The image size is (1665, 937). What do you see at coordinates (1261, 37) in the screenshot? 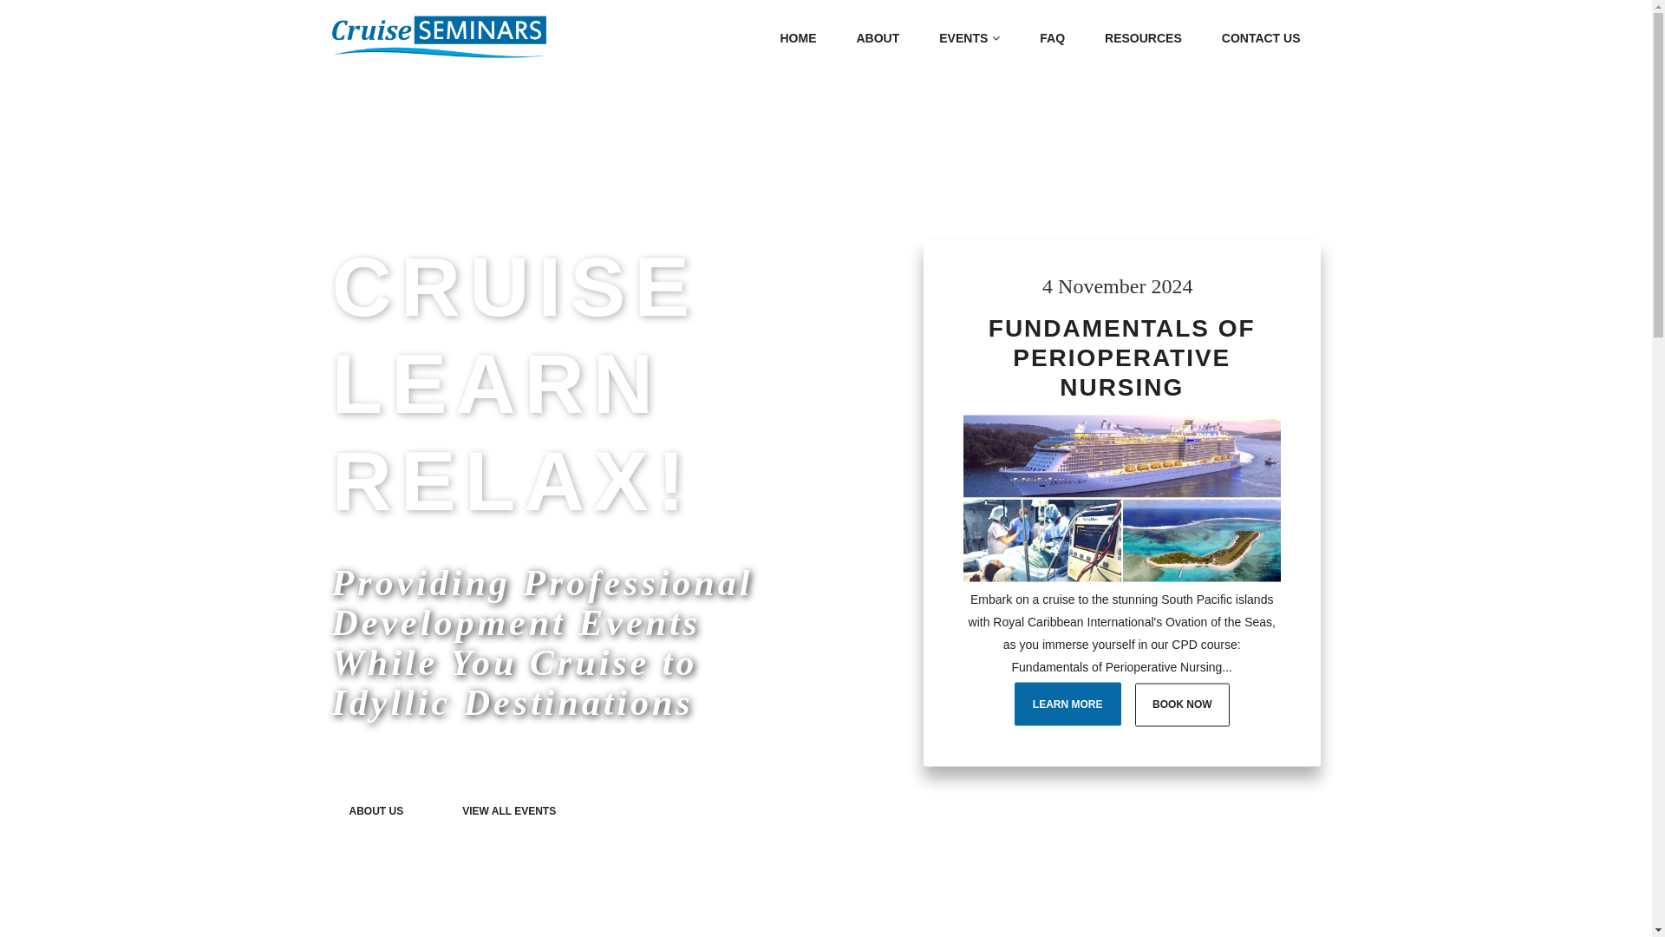
I see `'CONTACT US'` at bounding box center [1261, 37].